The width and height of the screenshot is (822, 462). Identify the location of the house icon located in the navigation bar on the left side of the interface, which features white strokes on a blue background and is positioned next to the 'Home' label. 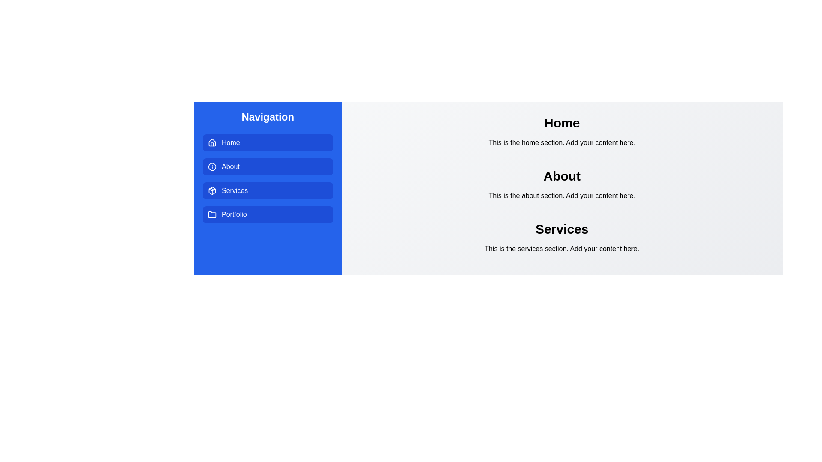
(212, 142).